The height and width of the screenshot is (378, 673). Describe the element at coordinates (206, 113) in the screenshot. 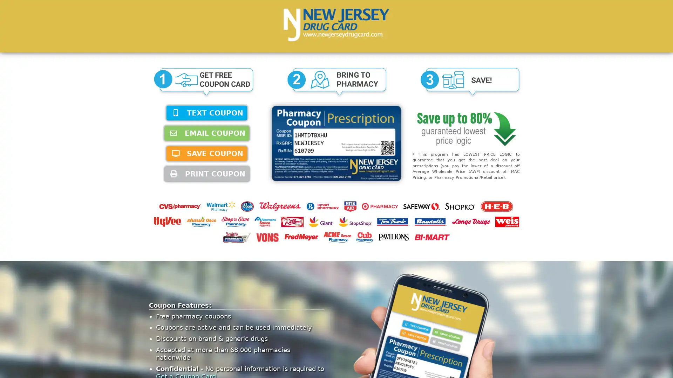

I see `TEXT COUPON` at that location.